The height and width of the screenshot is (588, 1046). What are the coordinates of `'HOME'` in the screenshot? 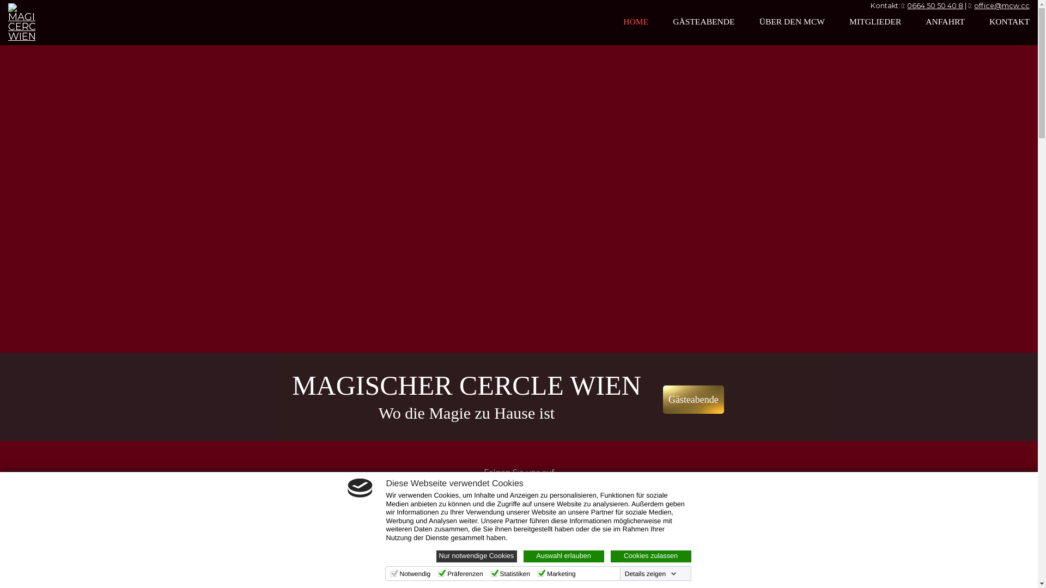 It's located at (635, 22).